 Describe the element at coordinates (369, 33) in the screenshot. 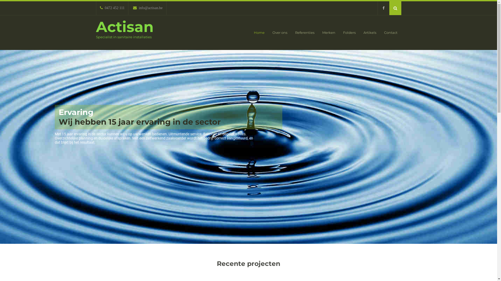

I see `'Artikels'` at that location.